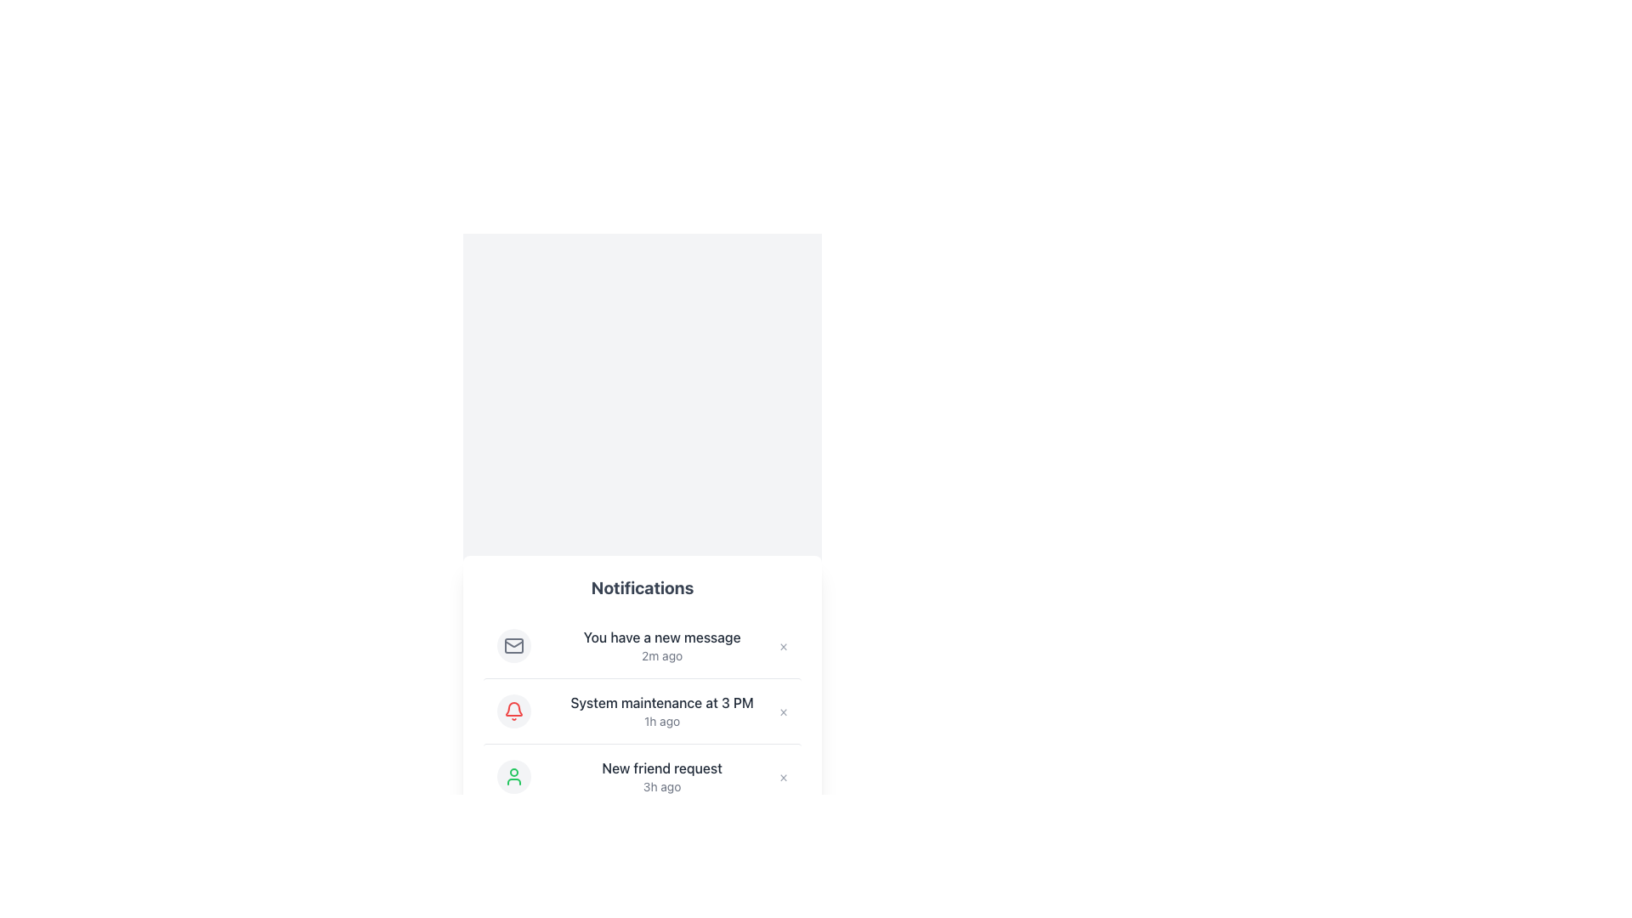  Describe the element at coordinates (513, 645) in the screenshot. I see `the new message notification icon located at the far left of the entry that reads 'You have a new message 2m ago ×'` at that location.